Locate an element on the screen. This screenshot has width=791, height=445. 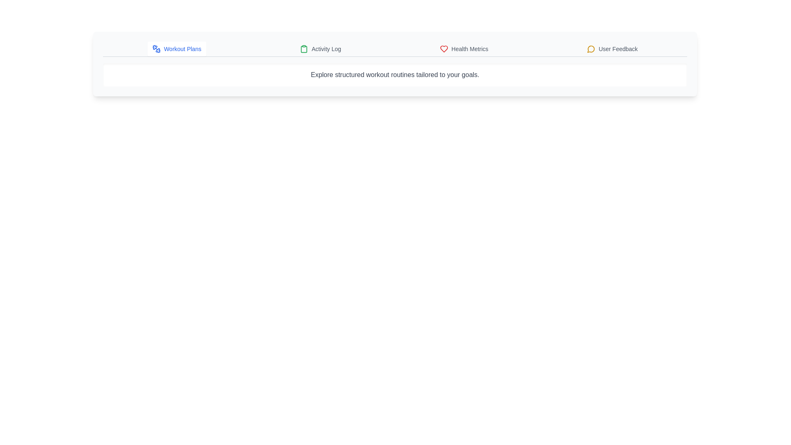
the icons and labels of the Navigation menu which includes 'Workout Plans,' 'Activity Log,' 'Health Metrics,' and 'User Feedback.' is located at coordinates (395, 49).